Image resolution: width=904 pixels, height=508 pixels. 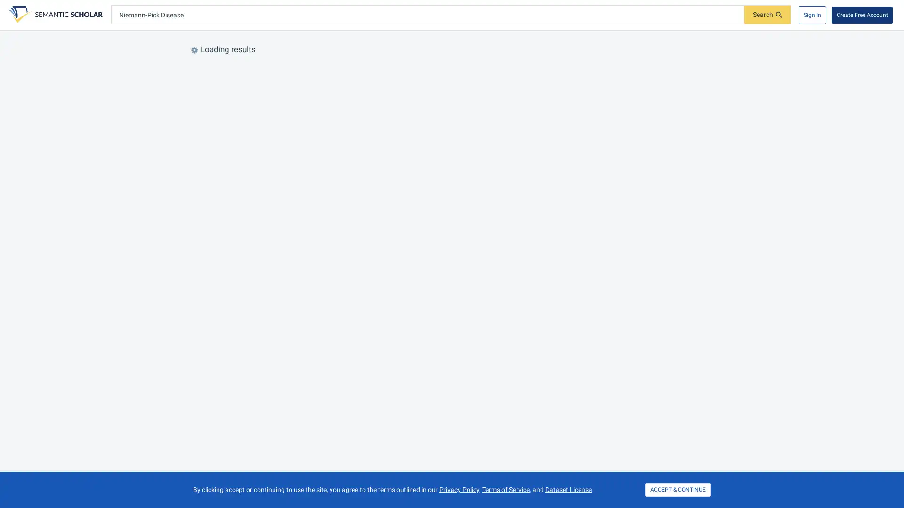 What do you see at coordinates (678, 489) in the screenshot?
I see `ACCEPT & CONTINUE` at bounding box center [678, 489].